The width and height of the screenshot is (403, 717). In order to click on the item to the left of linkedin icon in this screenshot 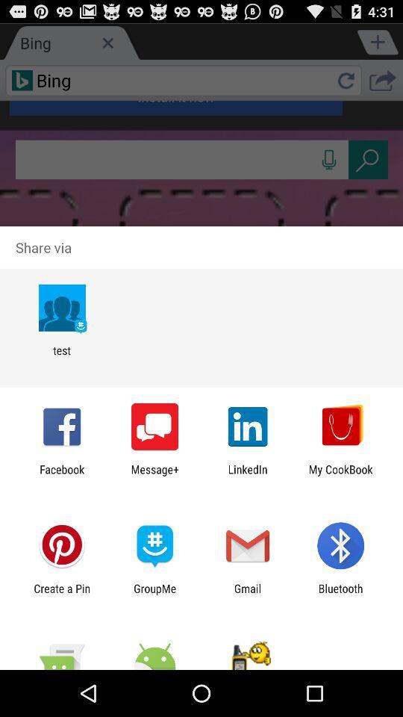, I will do `click(154, 475)`.